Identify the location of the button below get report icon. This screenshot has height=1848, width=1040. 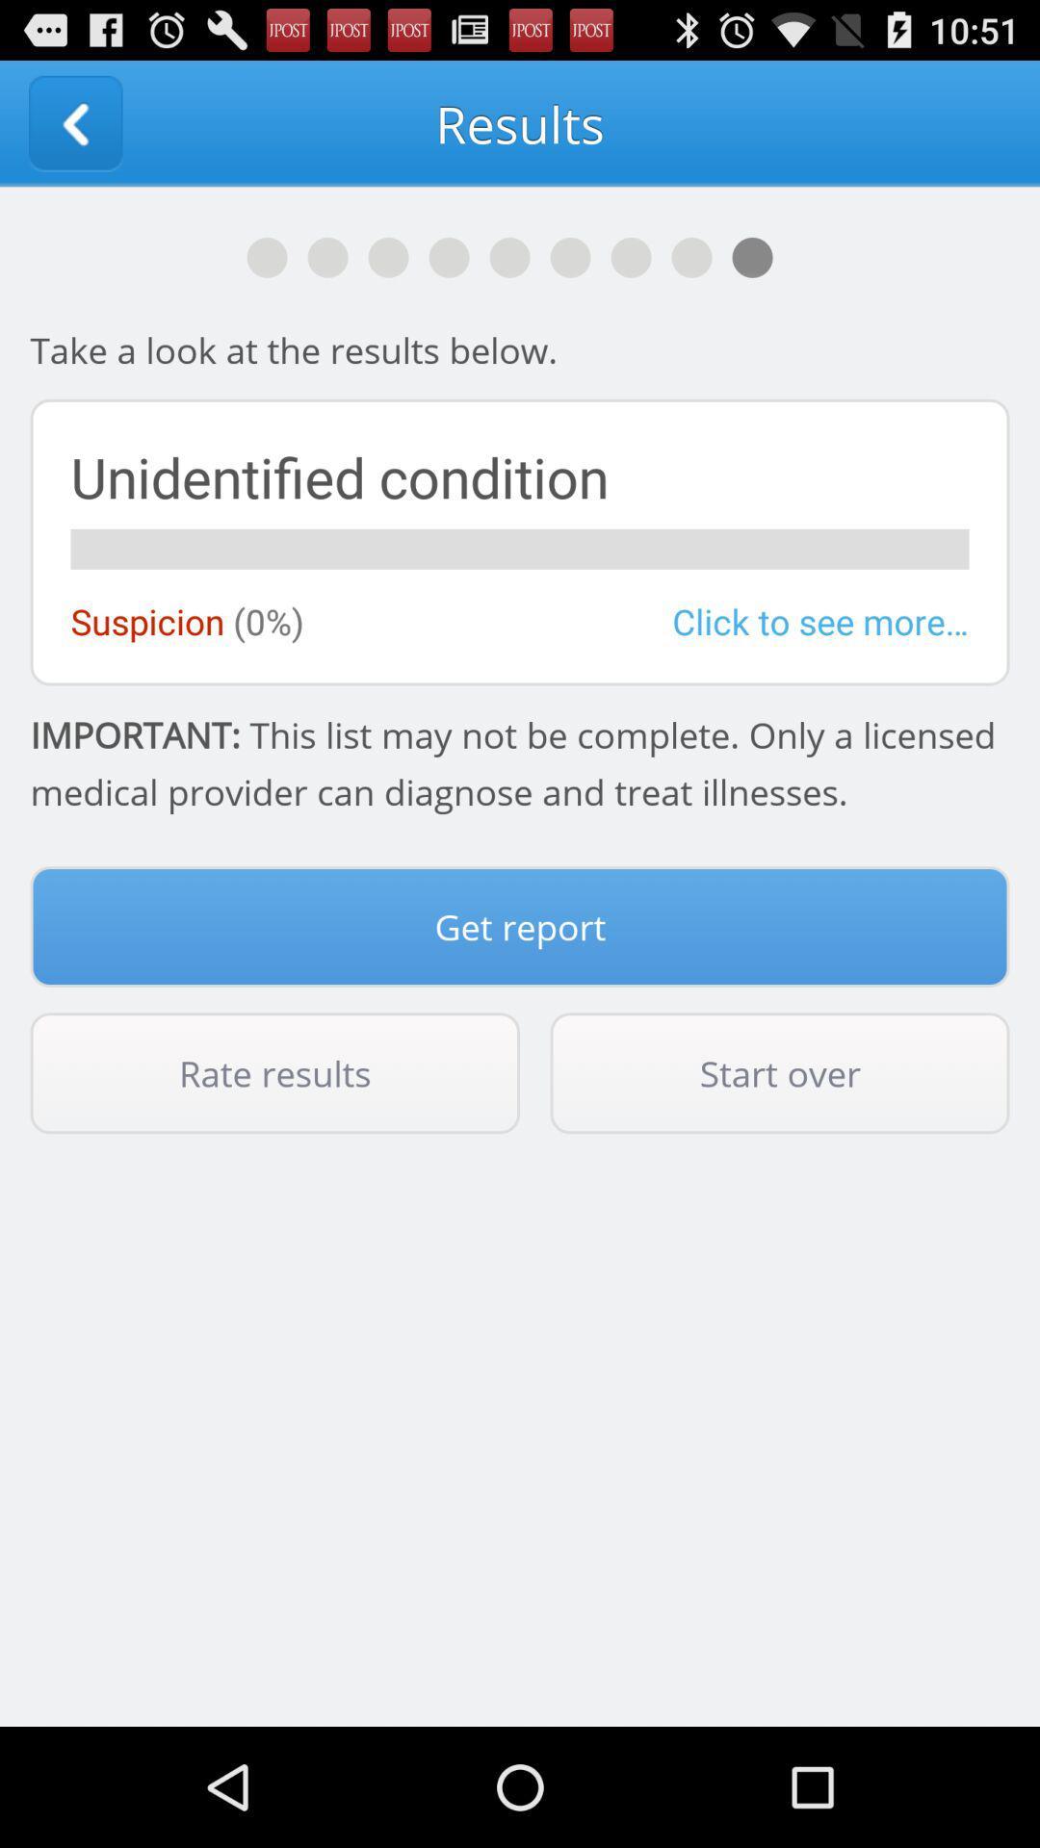
(274, 1072).